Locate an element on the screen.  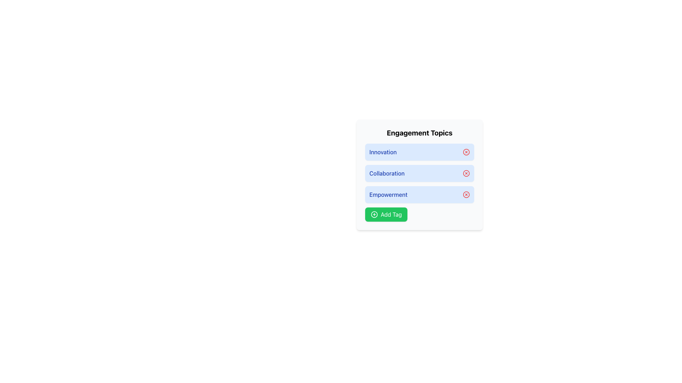
the selectable list item labeled 'Collaboration' is located at coordinates (420, 173).